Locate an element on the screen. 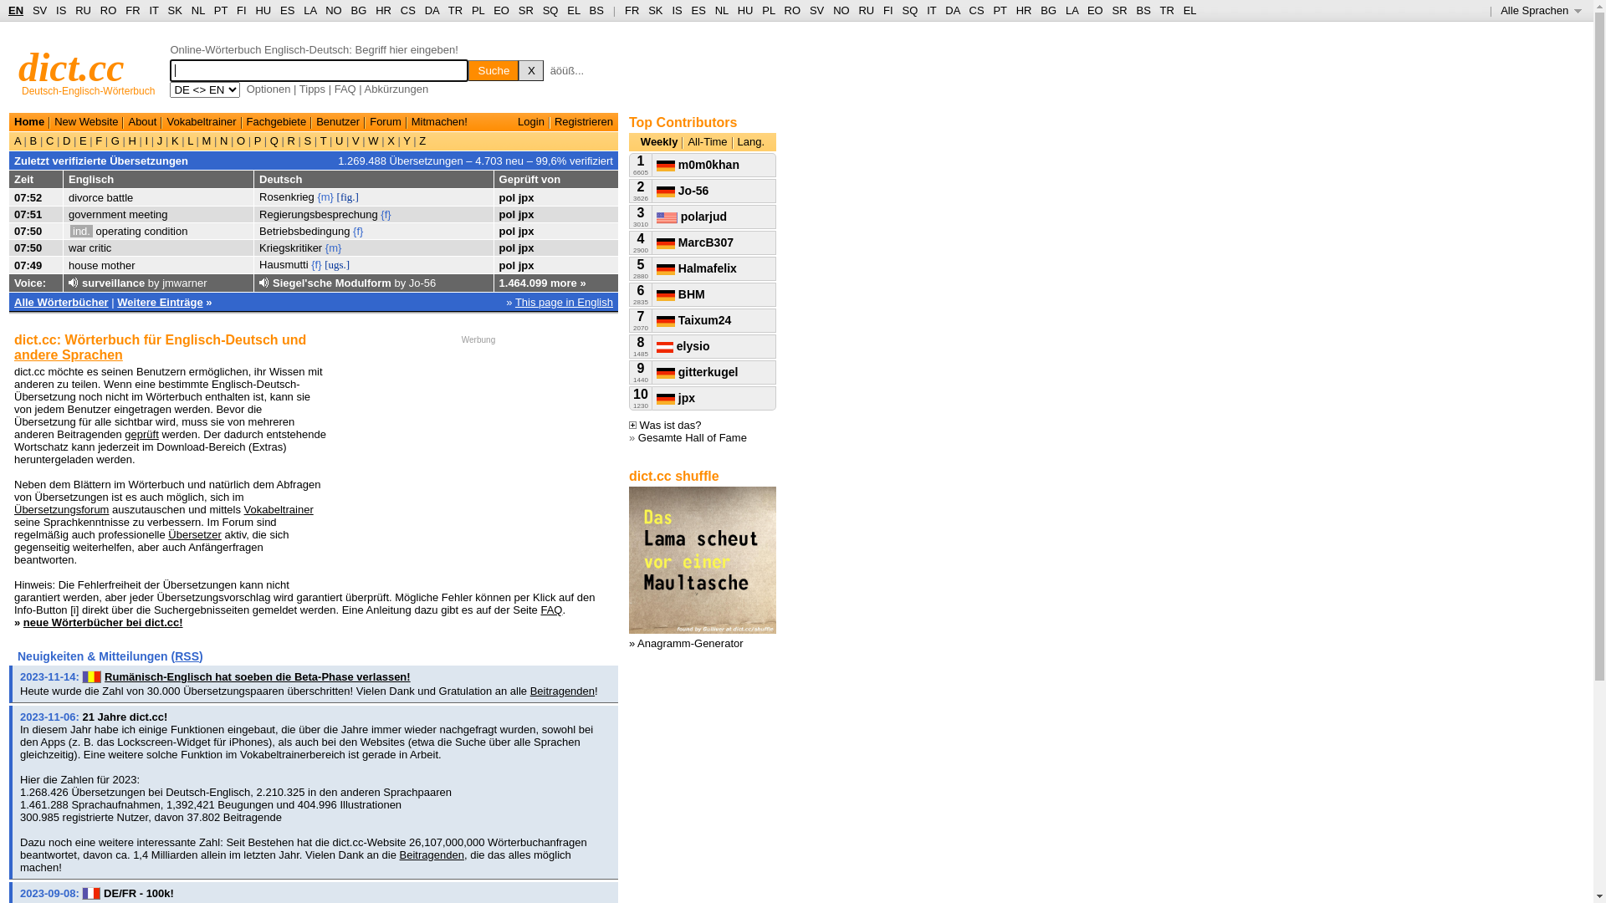 Image resolution: width=1606 pixels, height=903 pixels. '07:50' is located at coordinates (28, 247).